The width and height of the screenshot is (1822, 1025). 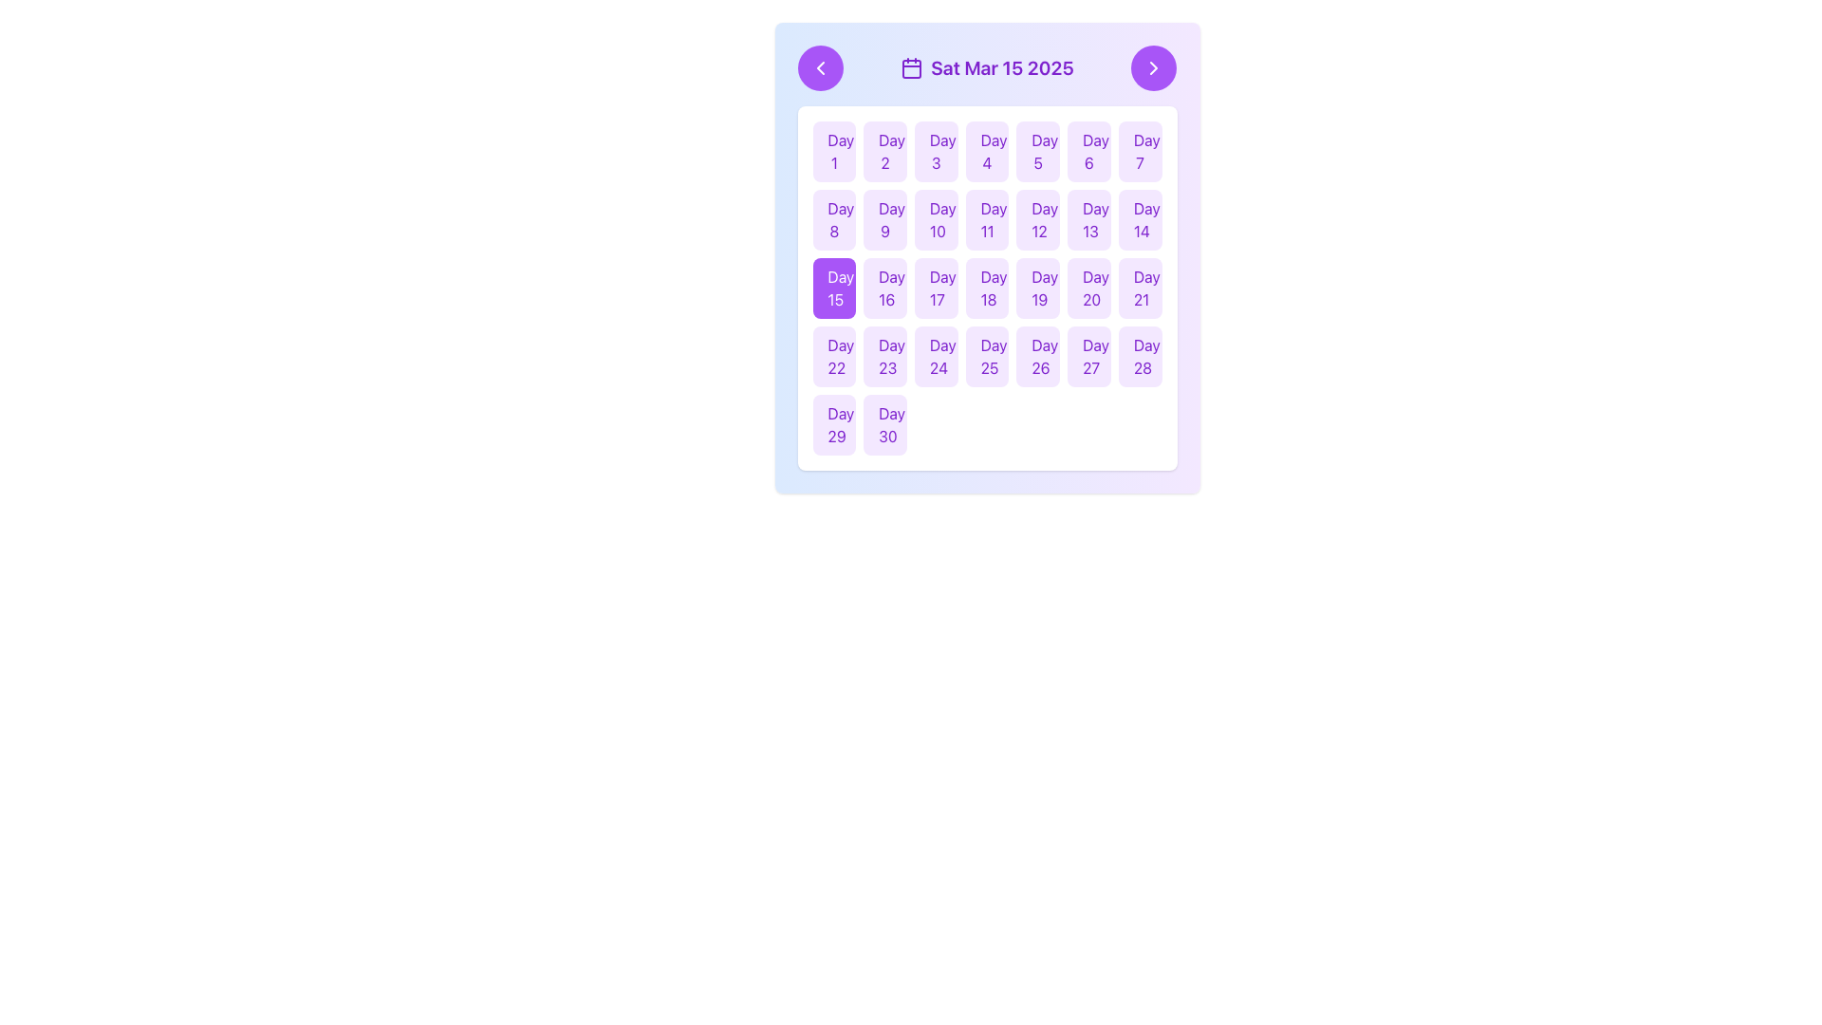 What do you see at coordinates (987, 289) in the screenshot?
I see `the 'Day 18' button, which is located in the fourth row and third column of the grid layout for day selection` at bounding box center [987, 289].